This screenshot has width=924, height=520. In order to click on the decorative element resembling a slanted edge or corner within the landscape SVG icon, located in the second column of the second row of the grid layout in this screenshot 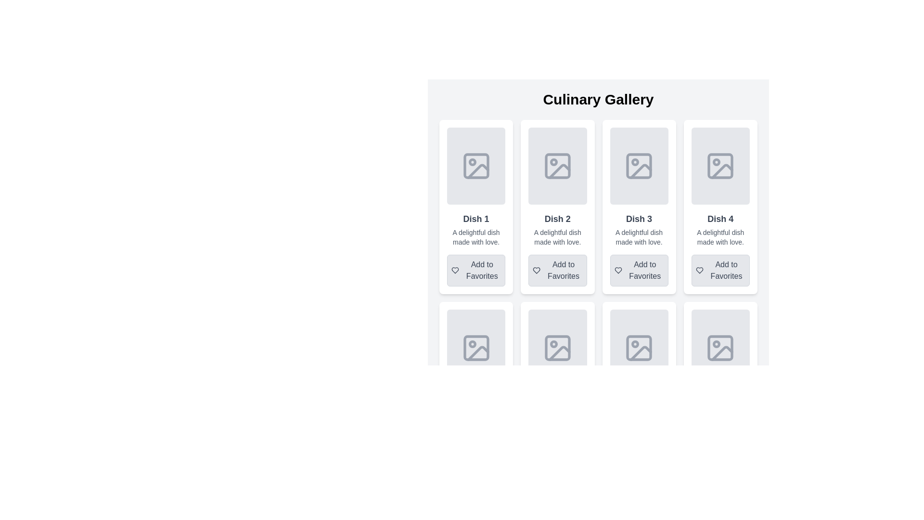, I will do `click(559, 353)`.